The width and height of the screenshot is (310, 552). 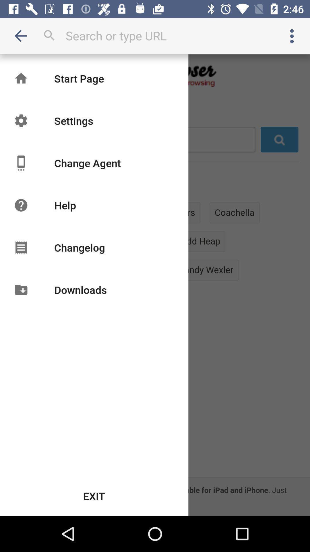 I want to click on icon at the center, so click(x=155, y=285).